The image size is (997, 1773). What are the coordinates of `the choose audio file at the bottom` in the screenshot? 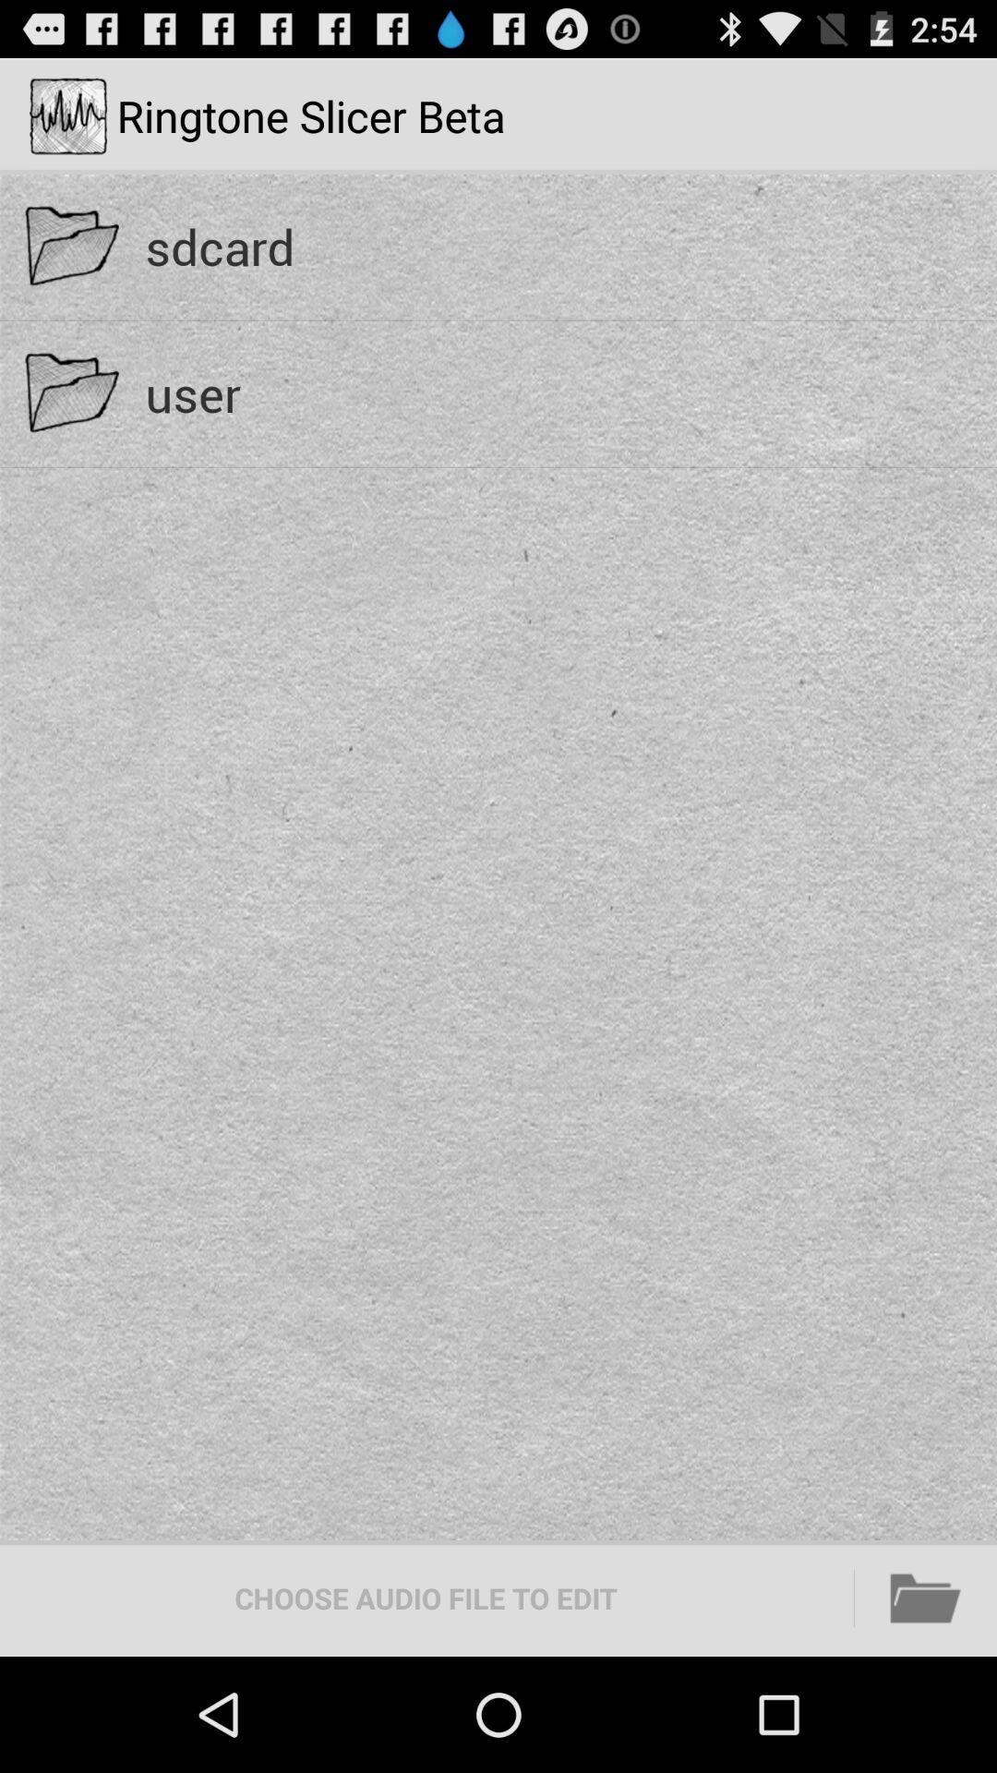 It's located at (426, 1598).